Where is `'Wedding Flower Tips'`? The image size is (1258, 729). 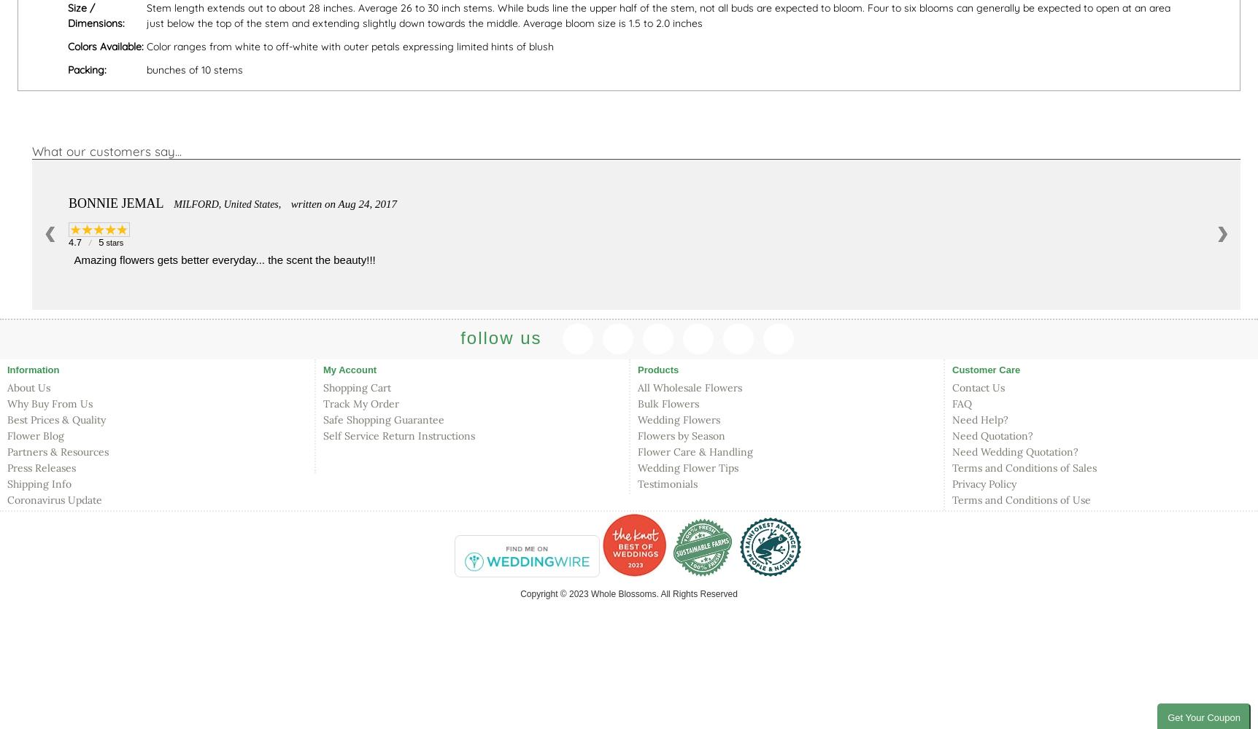 'Wedding Flower Tips' is located at coordinates (687, 468).